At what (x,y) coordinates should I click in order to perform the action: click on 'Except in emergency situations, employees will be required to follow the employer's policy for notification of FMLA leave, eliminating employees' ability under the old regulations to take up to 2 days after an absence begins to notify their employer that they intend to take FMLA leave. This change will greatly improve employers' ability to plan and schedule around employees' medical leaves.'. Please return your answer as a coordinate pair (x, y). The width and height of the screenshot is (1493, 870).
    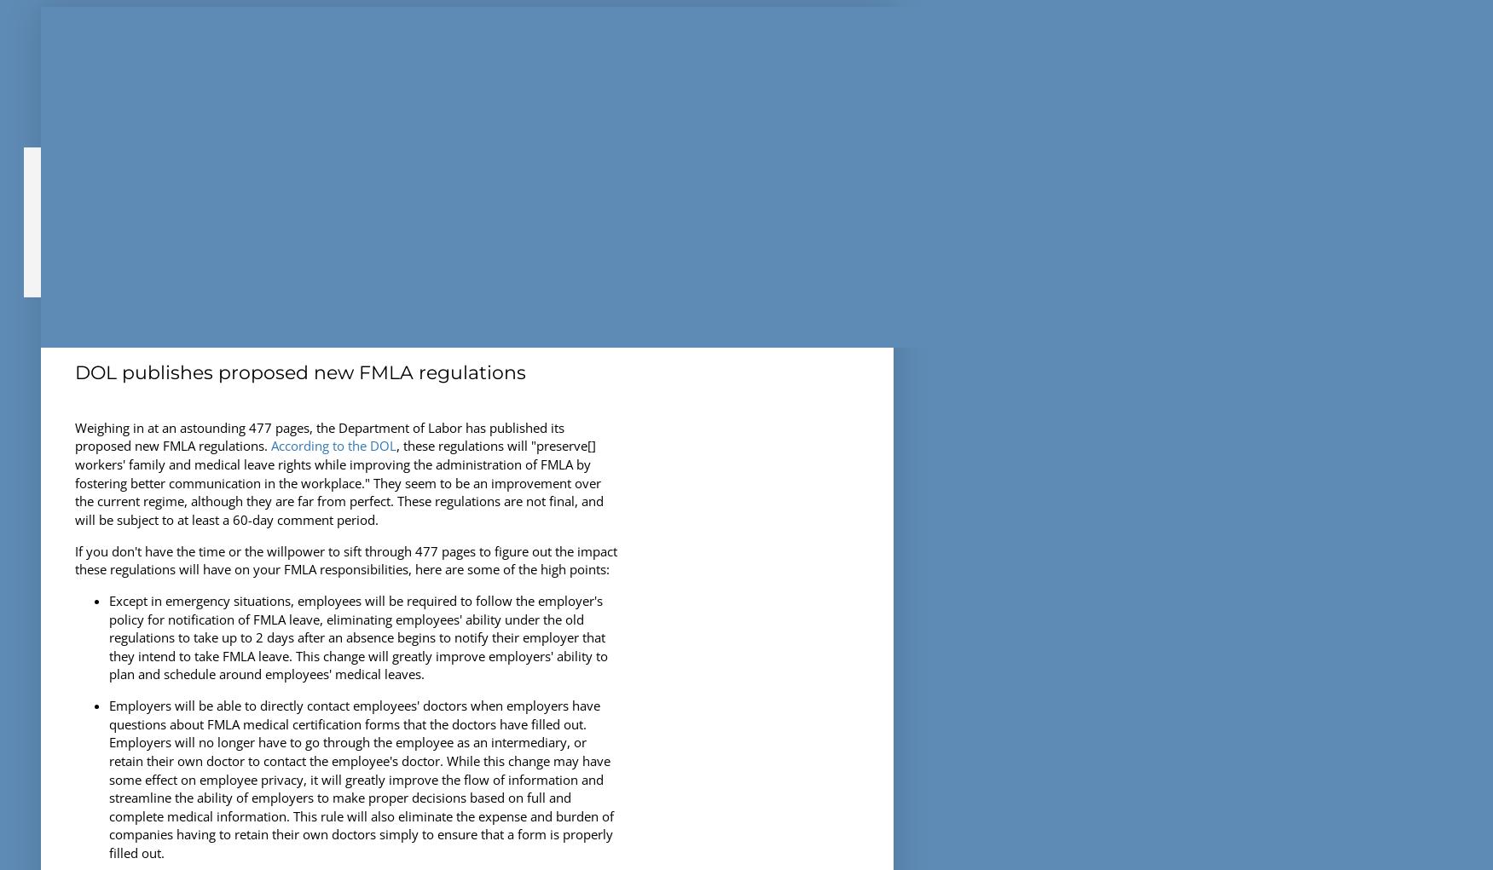
    Looking at the image, I should click on (358, 637).